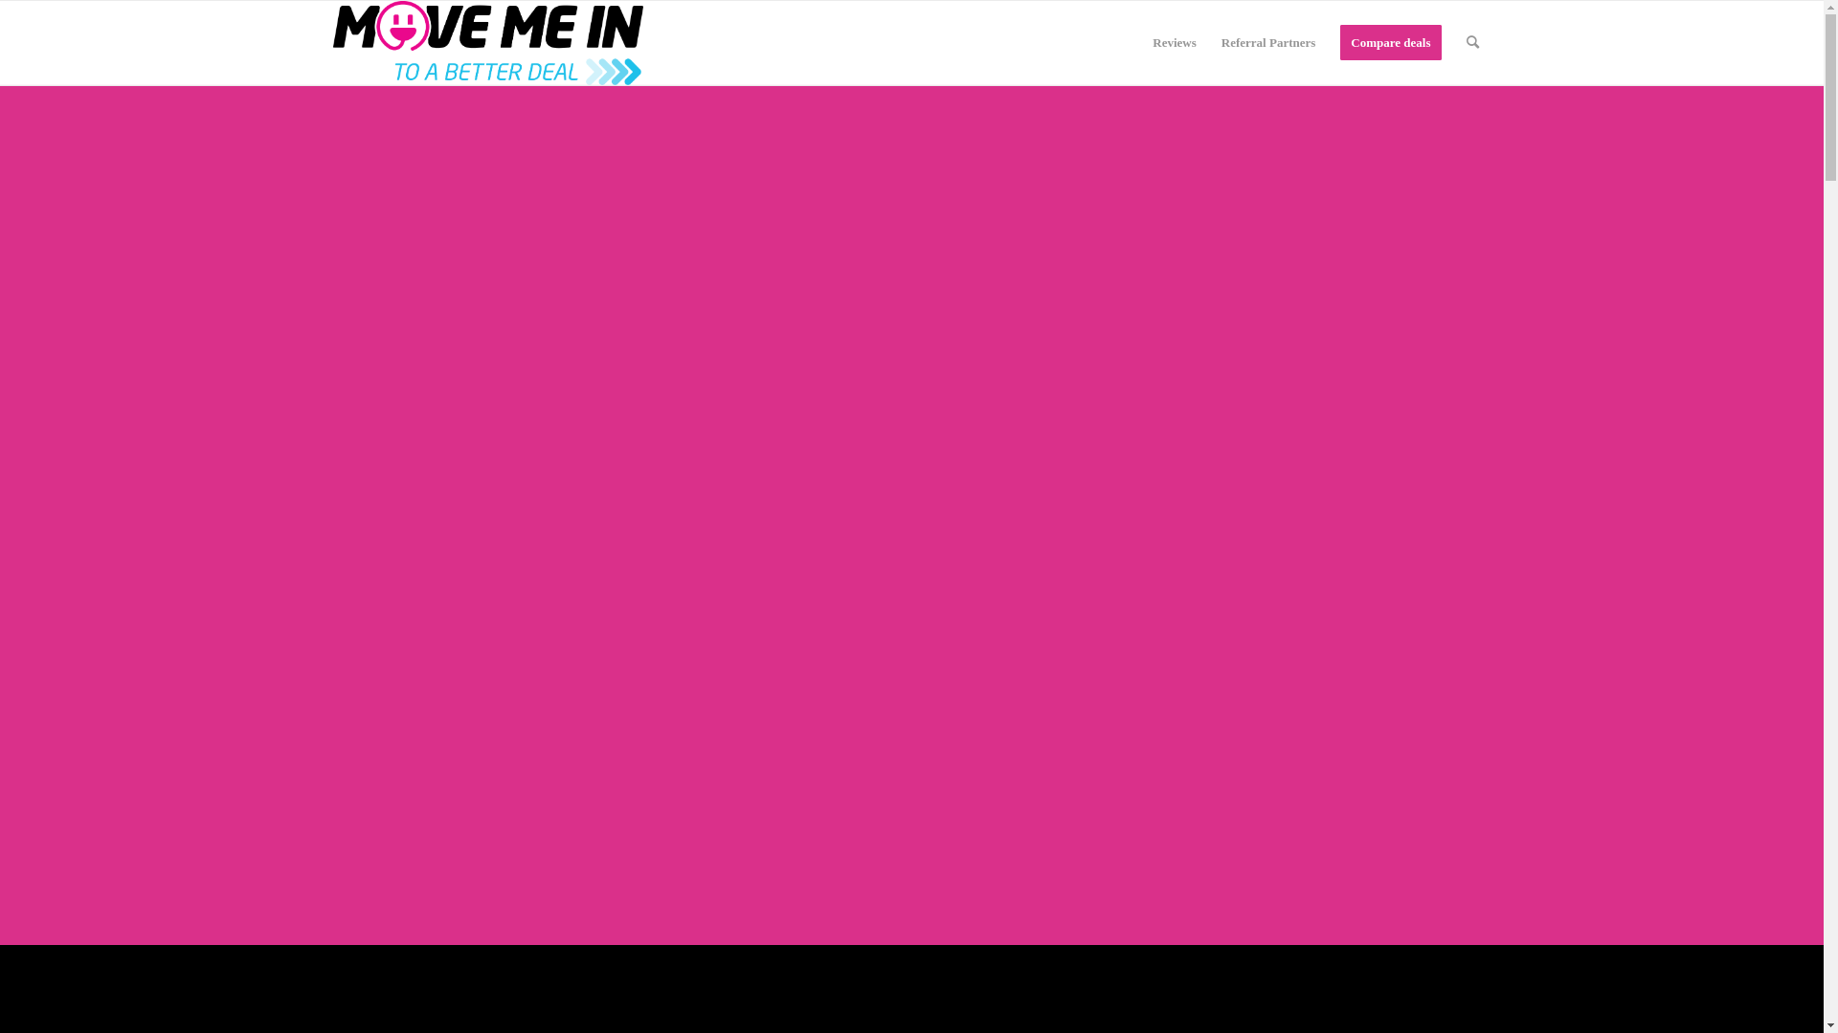  I want to click on 'Referral Partners', so click(1207, 43).